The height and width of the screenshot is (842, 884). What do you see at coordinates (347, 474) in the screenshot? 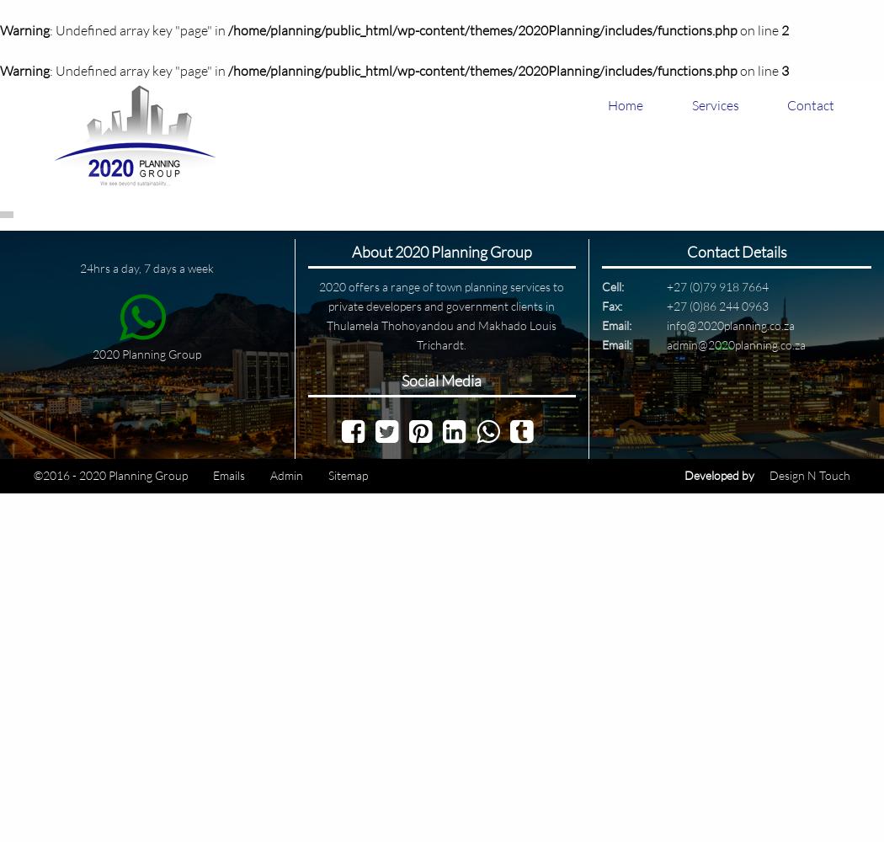
I see `'Sitemap'` at bounding box center [347, 474].